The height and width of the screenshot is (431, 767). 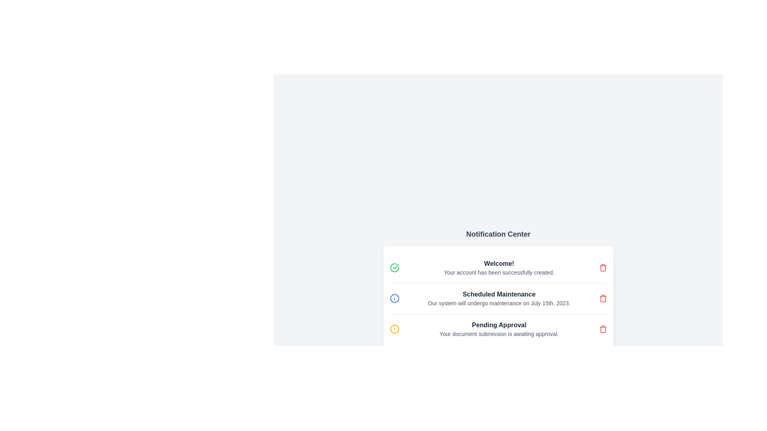 What do you see at coordinates (603, 329) in the screenshot?
I see `the delete button for the notification titled 'Pending Approval', which is the third icon located to the right of the notification within the notification list` at bounding box center [603, 329].